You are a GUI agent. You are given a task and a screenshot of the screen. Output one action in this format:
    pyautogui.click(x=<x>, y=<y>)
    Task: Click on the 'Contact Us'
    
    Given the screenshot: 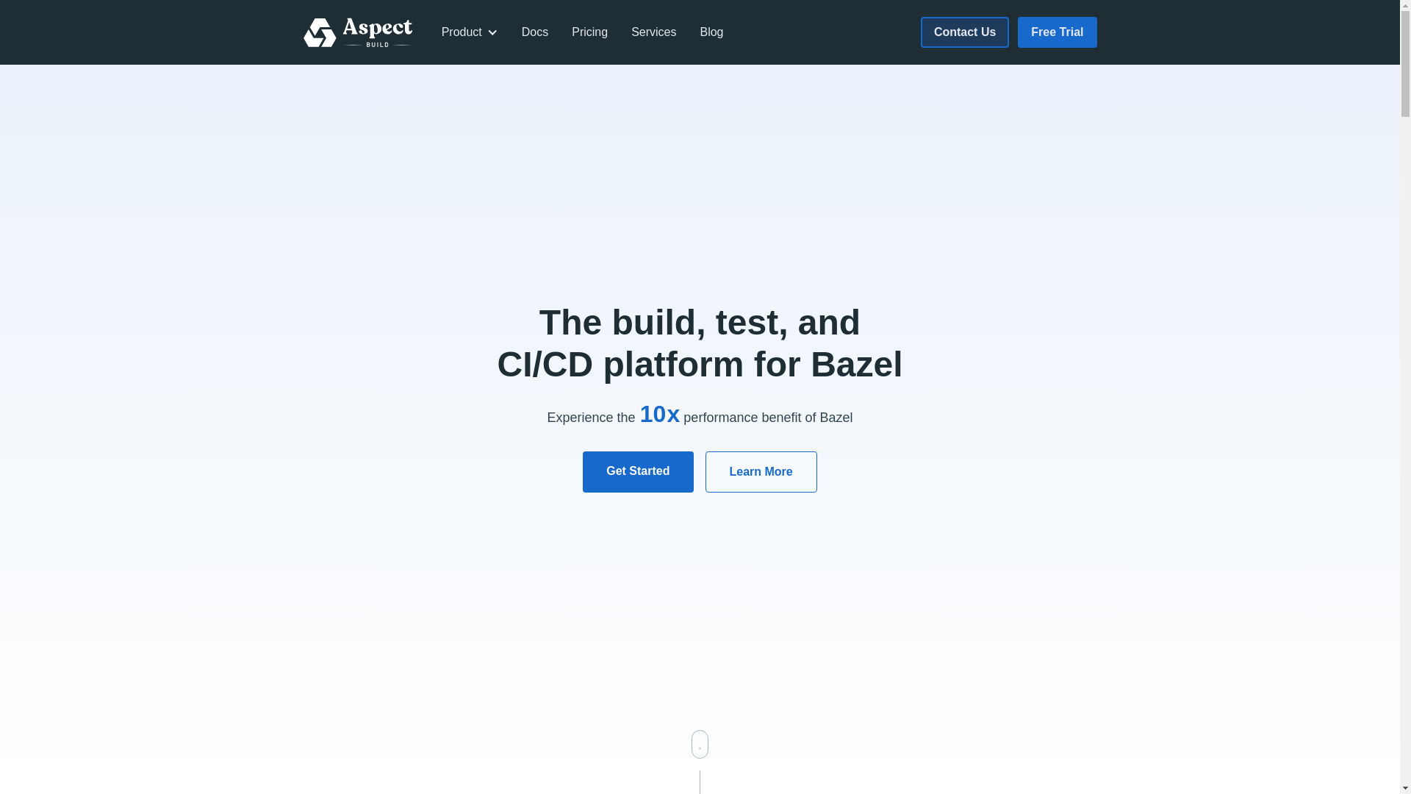 What is the action you would take?
    pyautogui.click(x=965, y=32)
    